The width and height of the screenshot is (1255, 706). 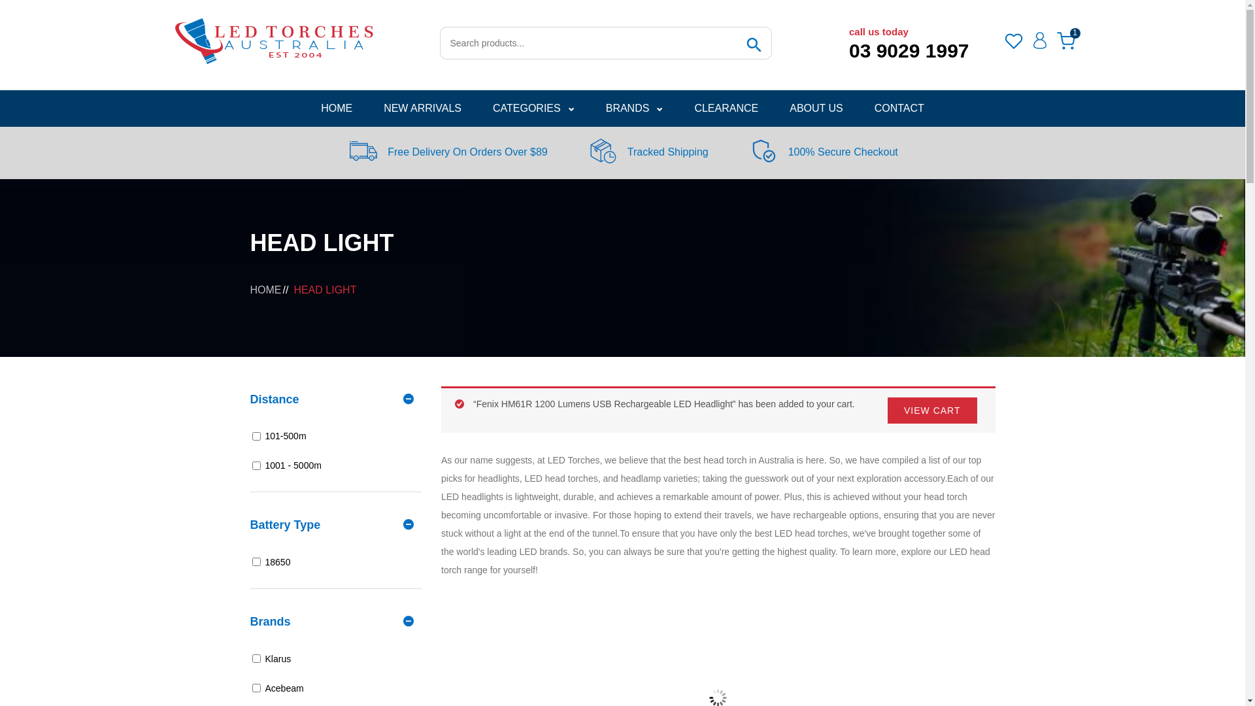 What do you see at coordinates (931, 410) in the screenshot?
I see `'VIEW CART'` at bounding box center [931, 410].